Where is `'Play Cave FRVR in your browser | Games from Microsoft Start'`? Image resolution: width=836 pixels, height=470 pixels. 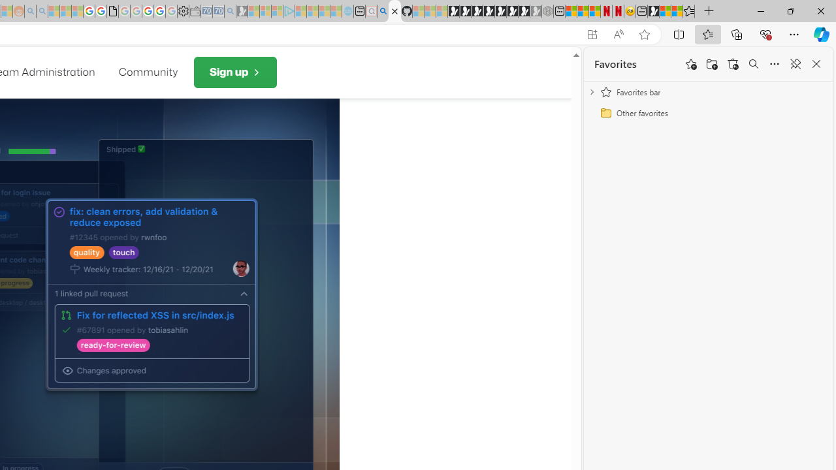
'Play Cave FRVR in your browser | Games from Microsoft Start' is located at coordinates (476, 11).